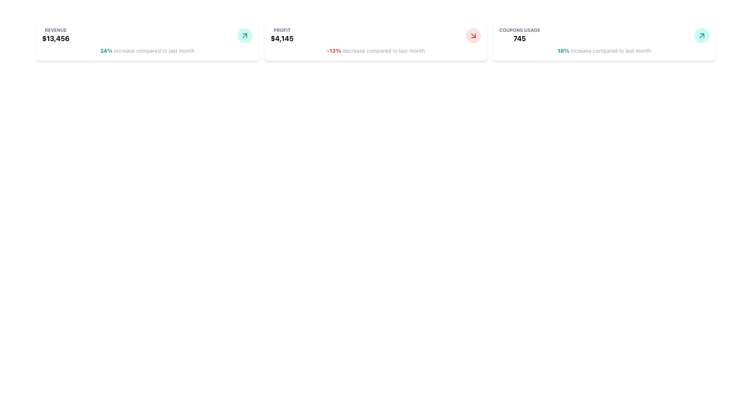  I want to click on the informational summary component displaying 'Coupons usage' and '745', so click(519, 35).